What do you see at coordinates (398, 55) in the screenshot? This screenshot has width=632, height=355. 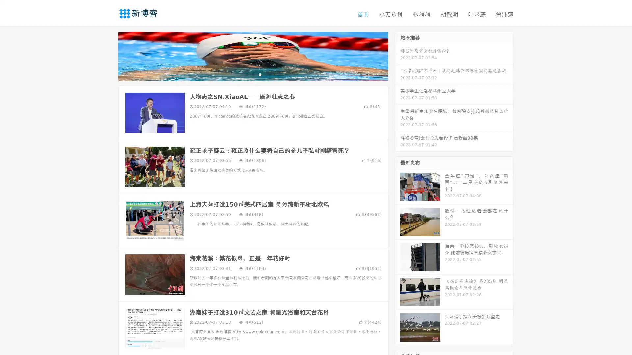 I see `Next slide` at bounding box center [398, 55].